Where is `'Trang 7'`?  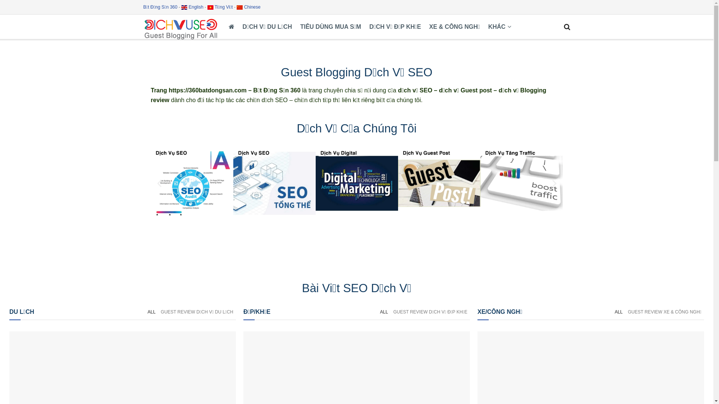
'Trang 7' is located at coordinates (439, 183).